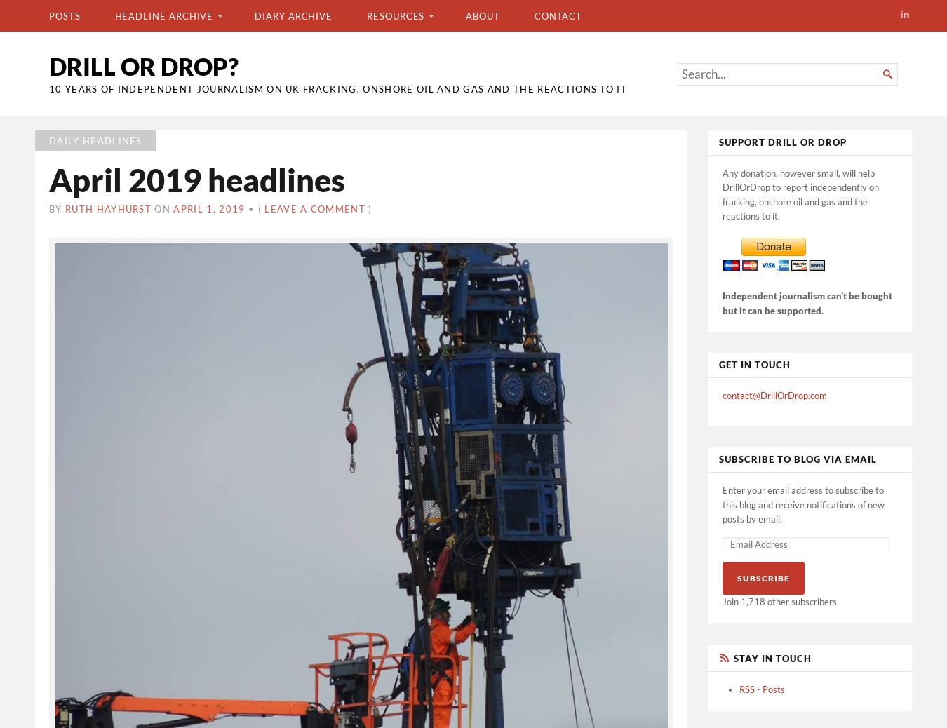  I want to click on 'Headline archive', so click(114, 15).